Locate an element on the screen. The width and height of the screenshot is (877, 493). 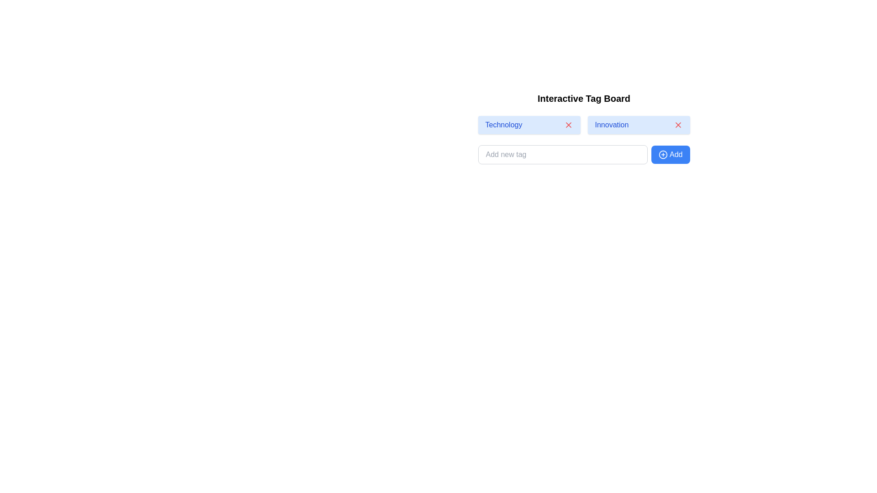
the circular decorative element representing the 'Add' action, which is part of the SVG icon next to the input field for adding tags is located at coordinates (663, 154).